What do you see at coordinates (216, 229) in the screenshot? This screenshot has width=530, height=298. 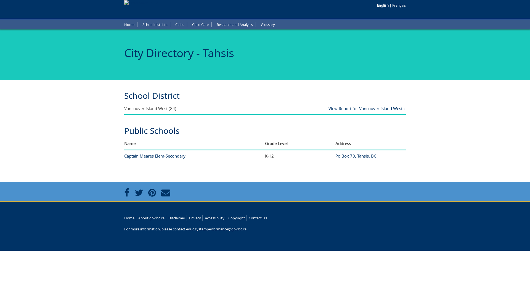 I see `'educ.systemperformance@gov.bc.ca'` at bounding box center [216, 229].